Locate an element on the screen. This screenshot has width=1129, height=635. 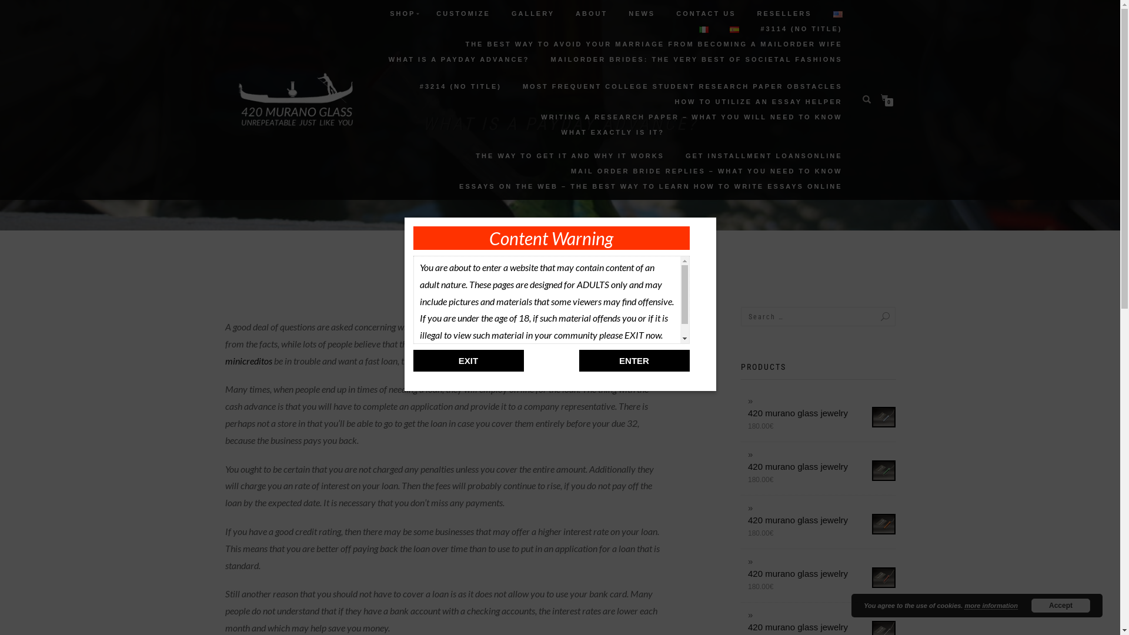
'pedir minicreditos' is located at coordinates (439, 351).